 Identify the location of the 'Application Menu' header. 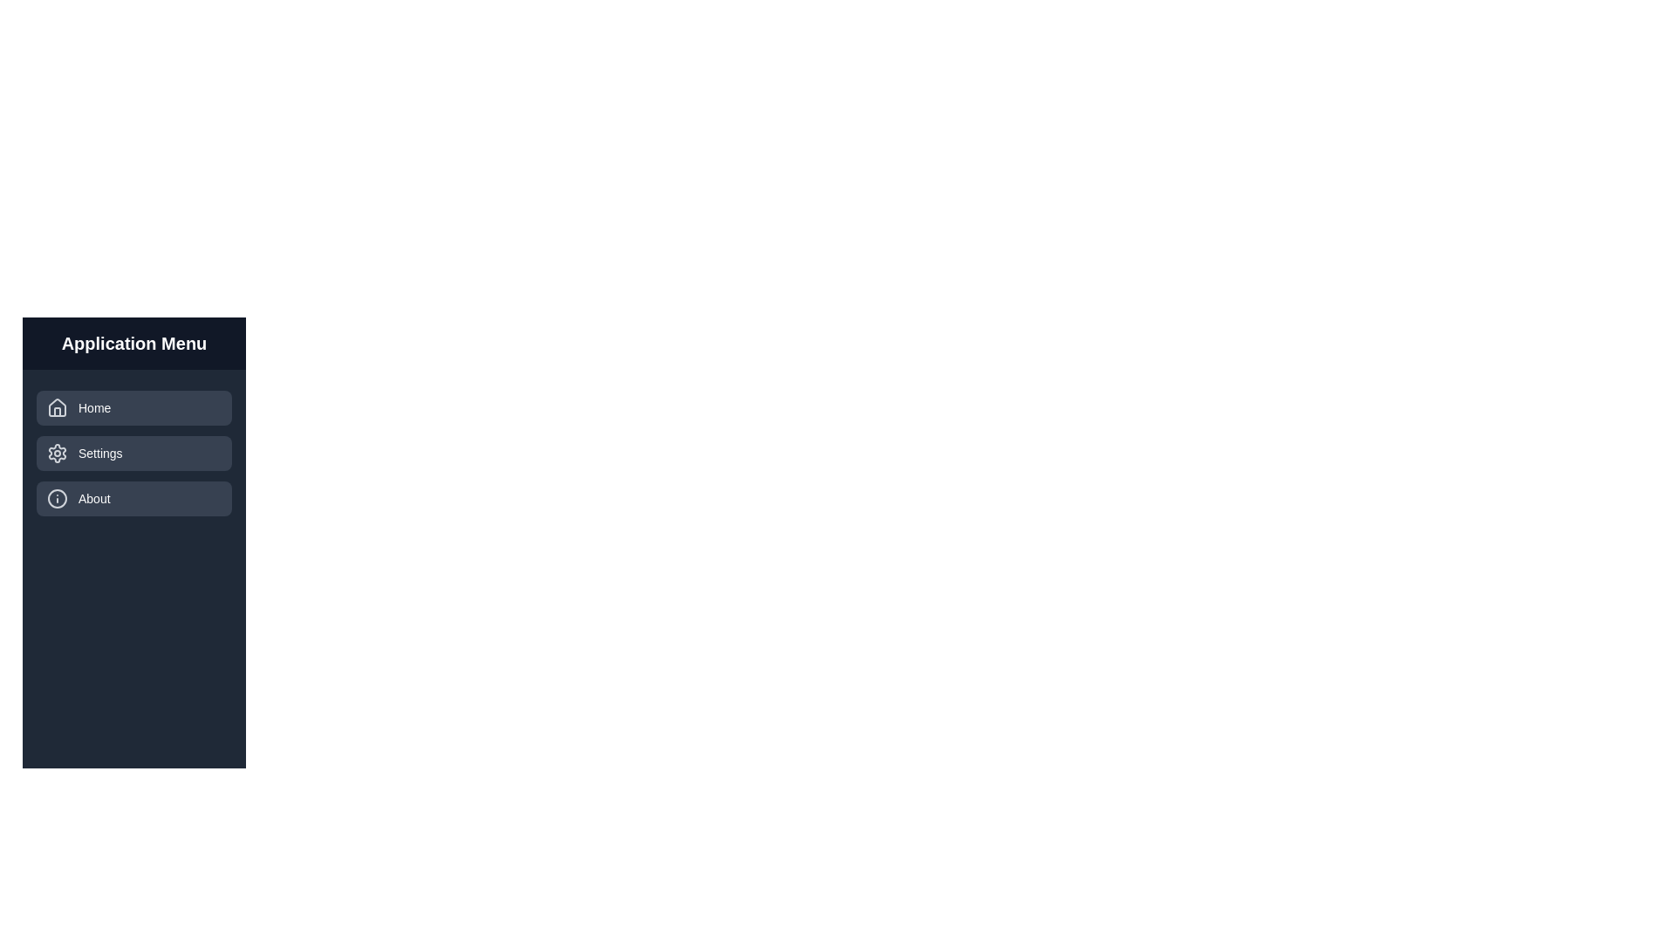
(133, 343).